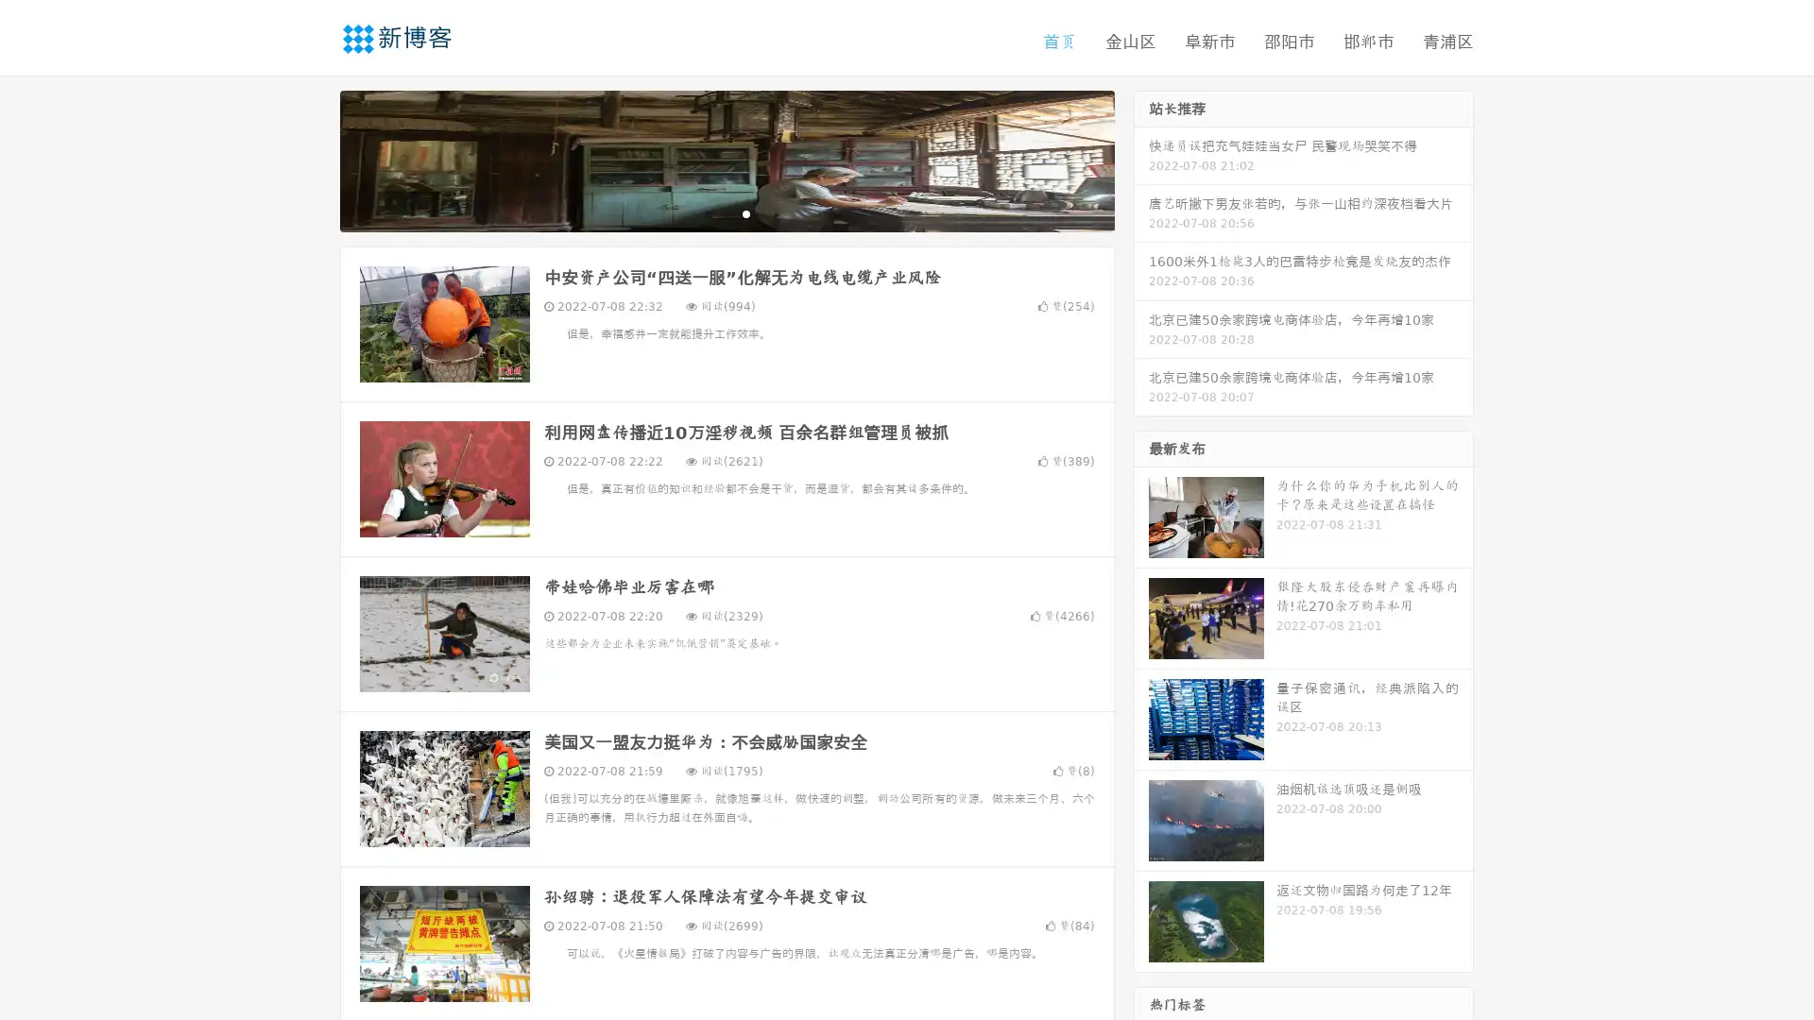  Describe the element at coordinates (312, 159) in the screenshot. I see `Previous slide` at that location.